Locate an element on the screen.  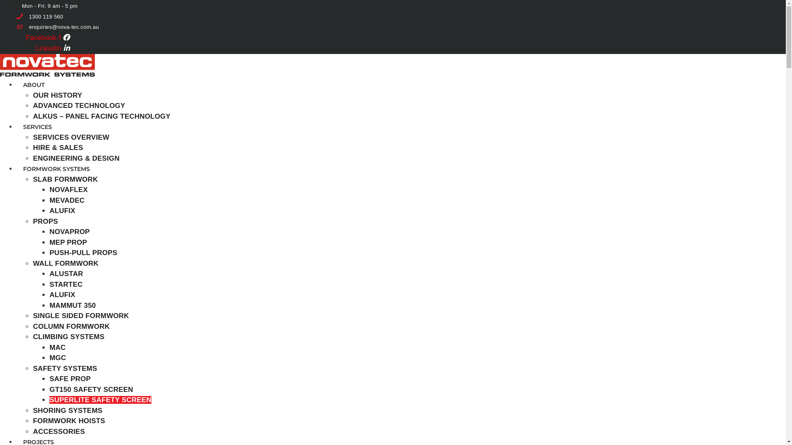
'SAFE PROP' is located at coordinates (70, 379).